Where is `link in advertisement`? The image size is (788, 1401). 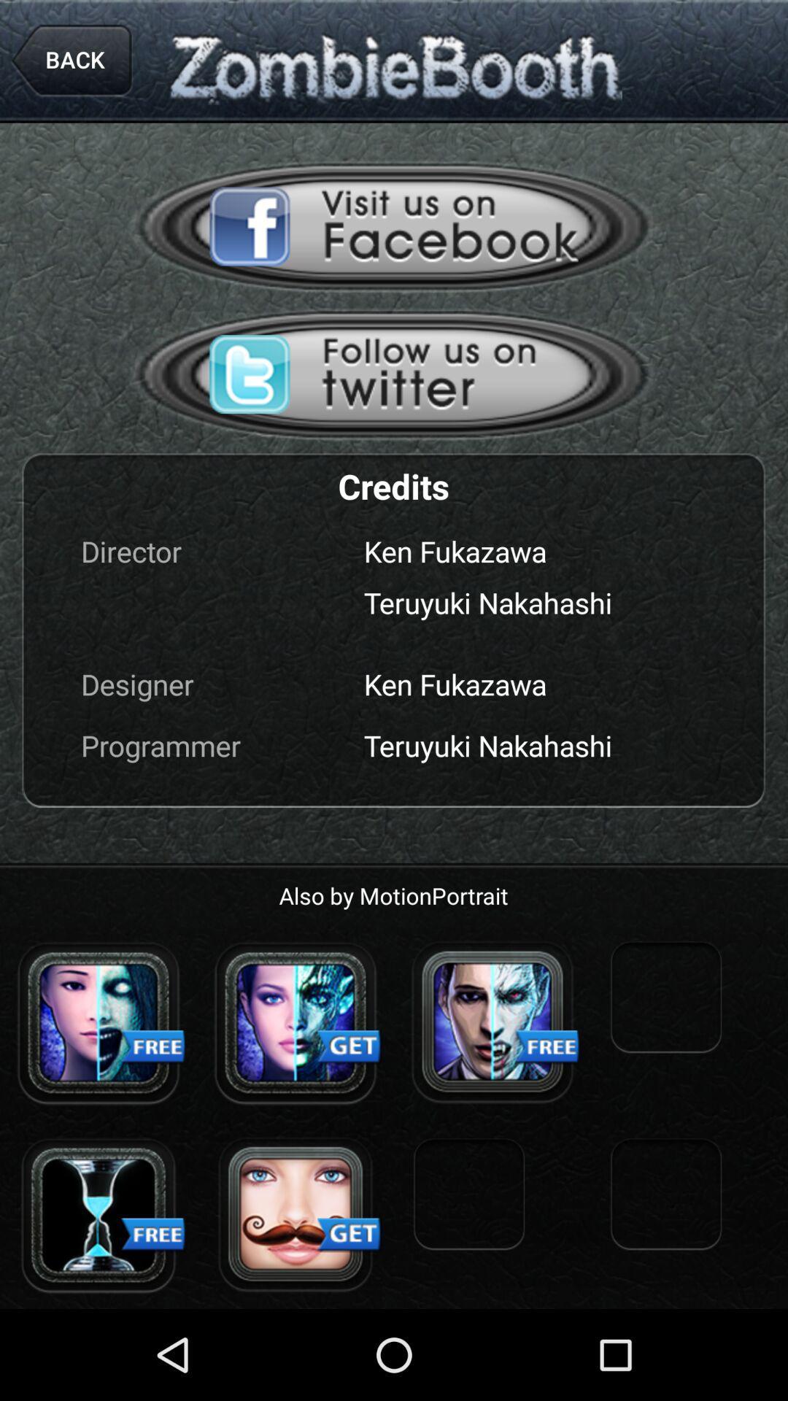
link in advertisement is located at coordinates (295, 1215).